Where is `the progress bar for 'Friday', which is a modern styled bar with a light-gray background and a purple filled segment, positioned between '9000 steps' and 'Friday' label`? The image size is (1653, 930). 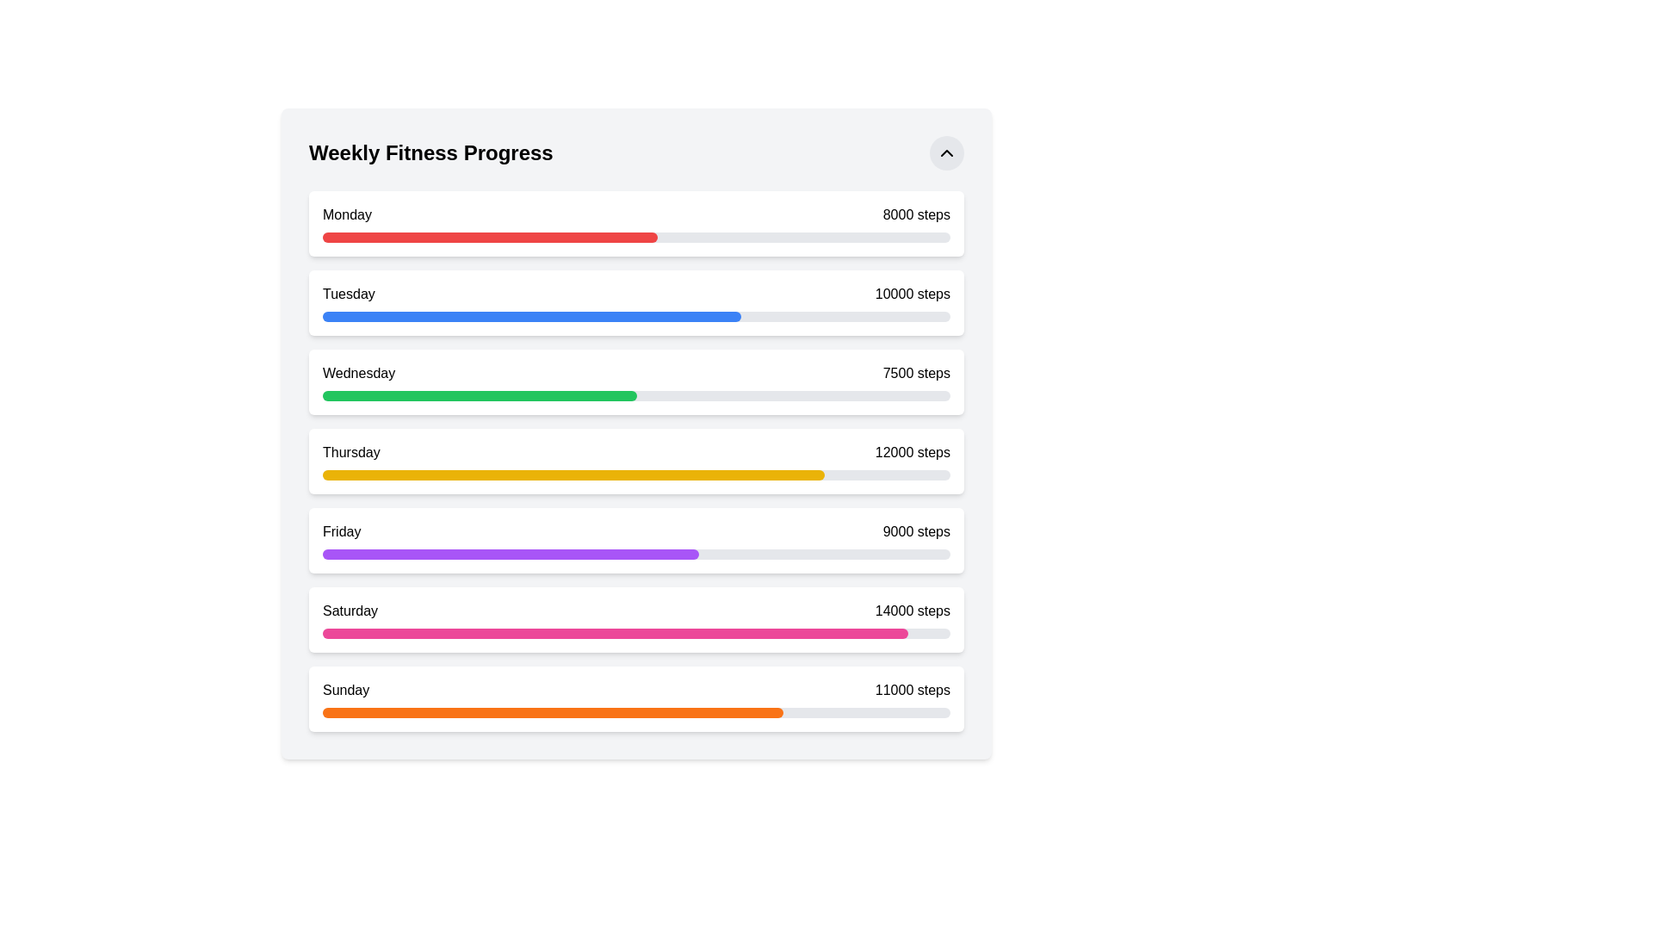
the progress bar for 'Friday', which is a modern styled bar with a light-gray background and a purple filled segment, positioned between '9000 steps' and 'Friday' label is located at coordinates (635, 551).